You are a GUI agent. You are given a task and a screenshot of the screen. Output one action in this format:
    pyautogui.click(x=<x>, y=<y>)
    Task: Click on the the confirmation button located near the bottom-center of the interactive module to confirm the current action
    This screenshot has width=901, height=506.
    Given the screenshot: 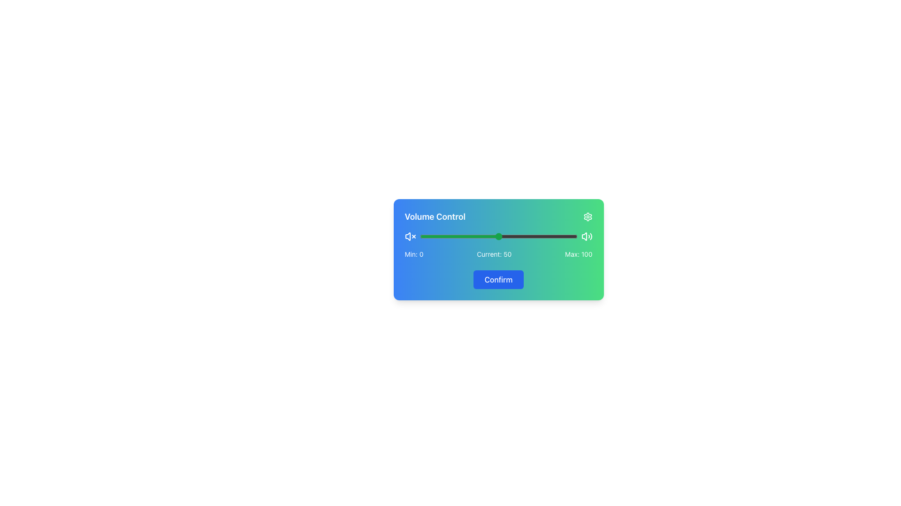 What is the action you would take?
    pyautogui.click(x=498, y=279)
    